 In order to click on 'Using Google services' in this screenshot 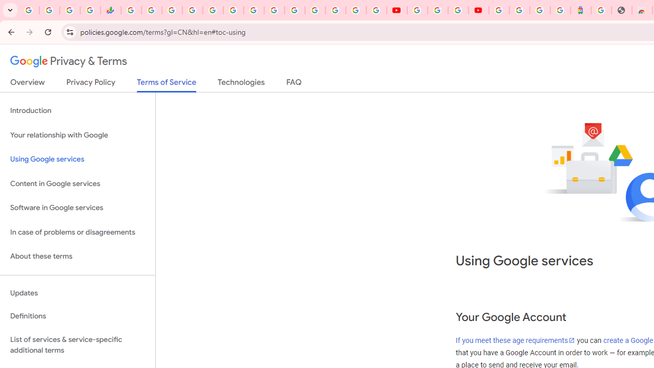, I will do `click(77, 159)`.